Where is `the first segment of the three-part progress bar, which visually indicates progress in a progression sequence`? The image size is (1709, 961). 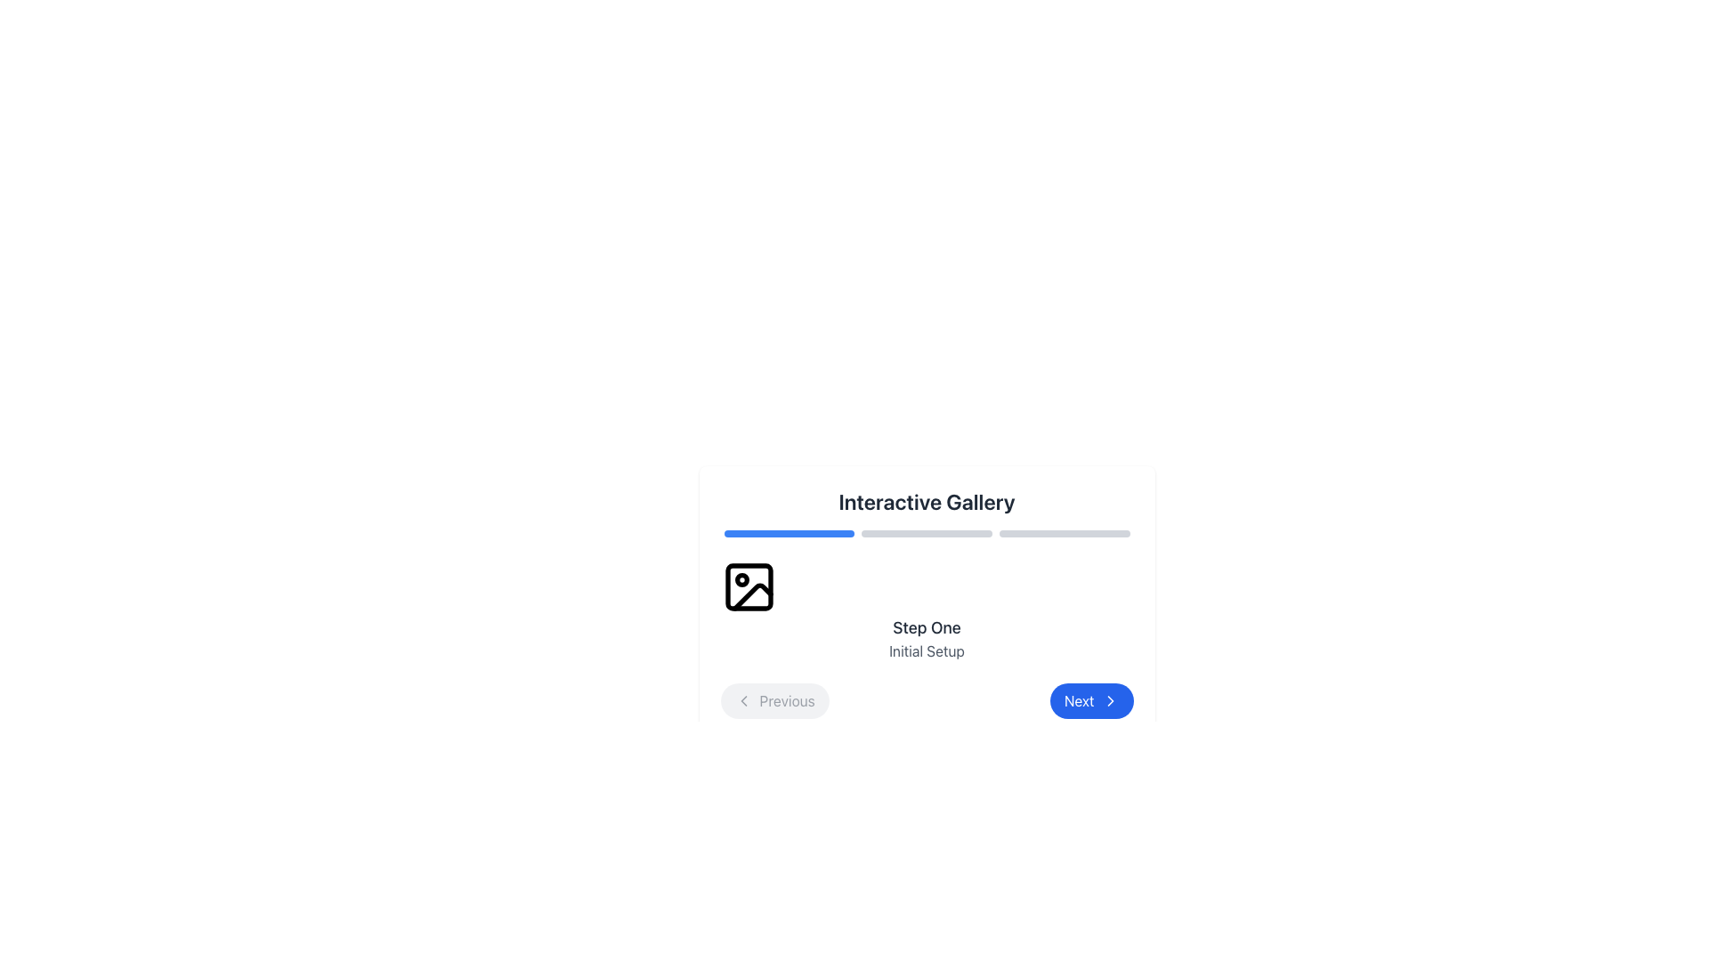 the first segment of the three-part progress bar, which visually indicates progress in a progression sequence is located at coordinates (788, 533).